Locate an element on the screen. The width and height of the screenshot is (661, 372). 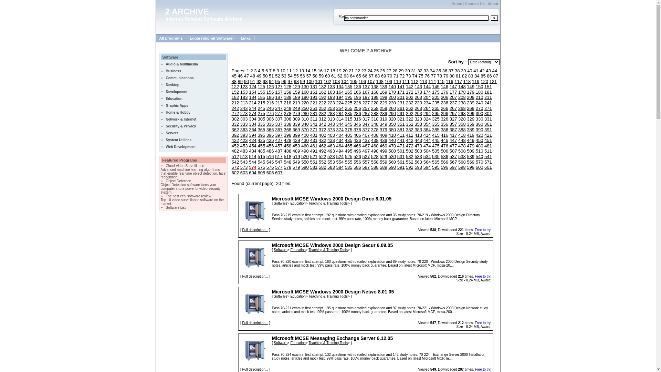
'106' is located at coordinates (358, 81).